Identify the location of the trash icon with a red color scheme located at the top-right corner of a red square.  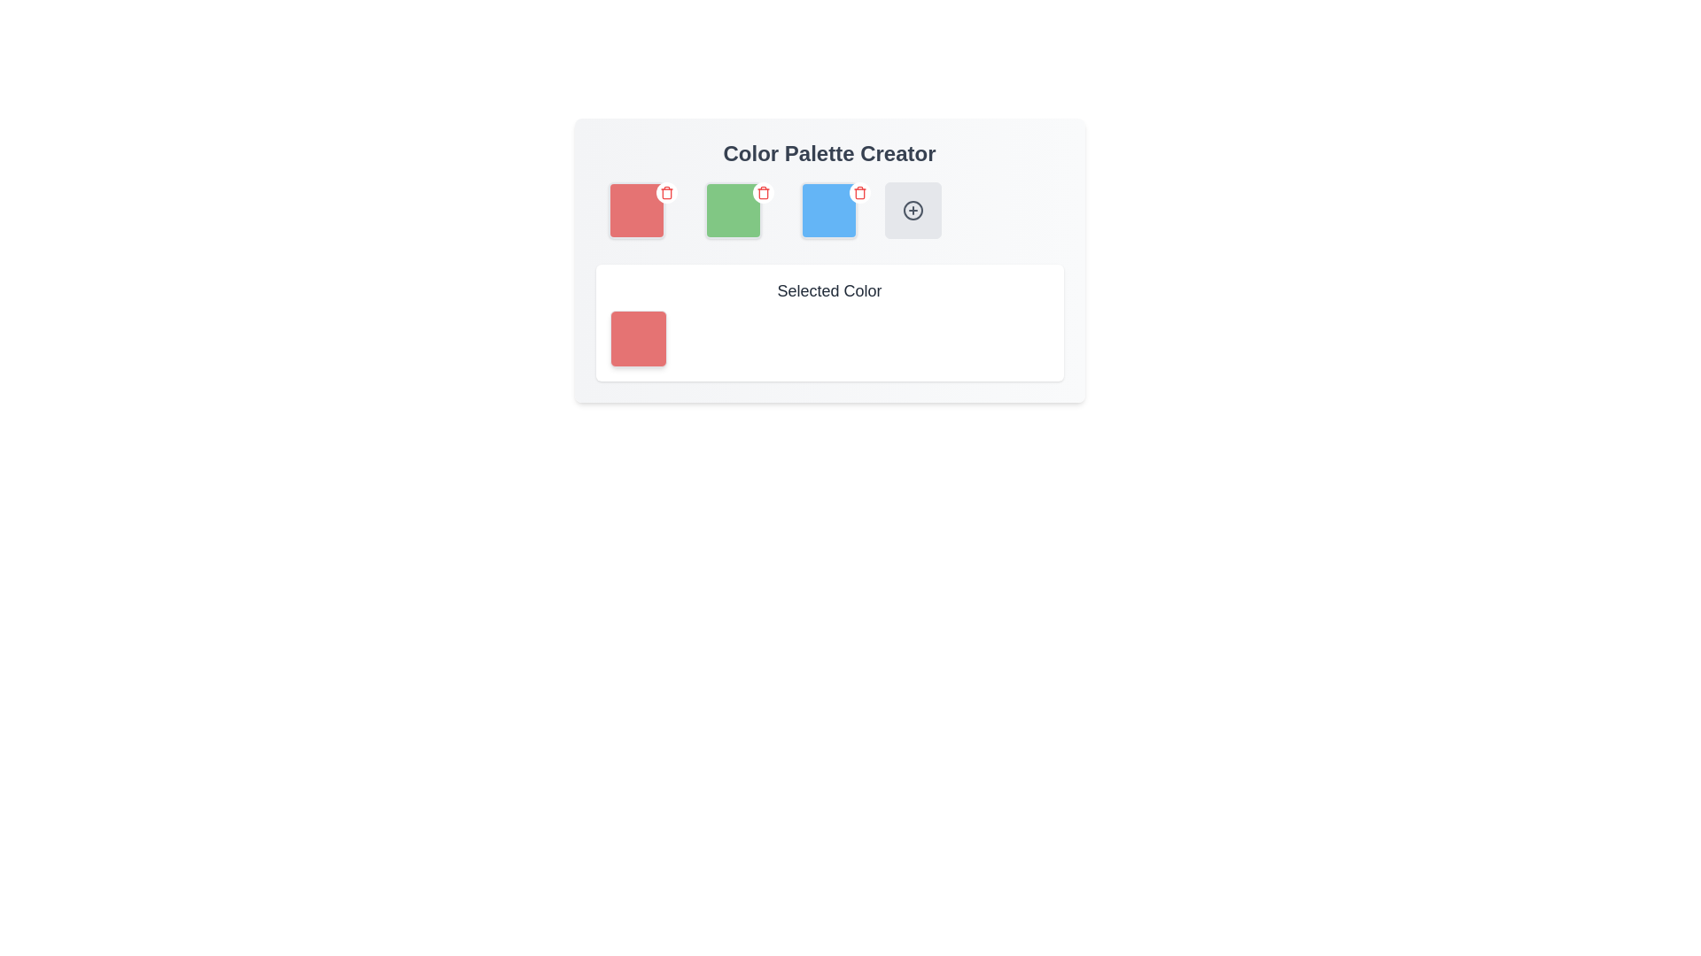
(666, 193).